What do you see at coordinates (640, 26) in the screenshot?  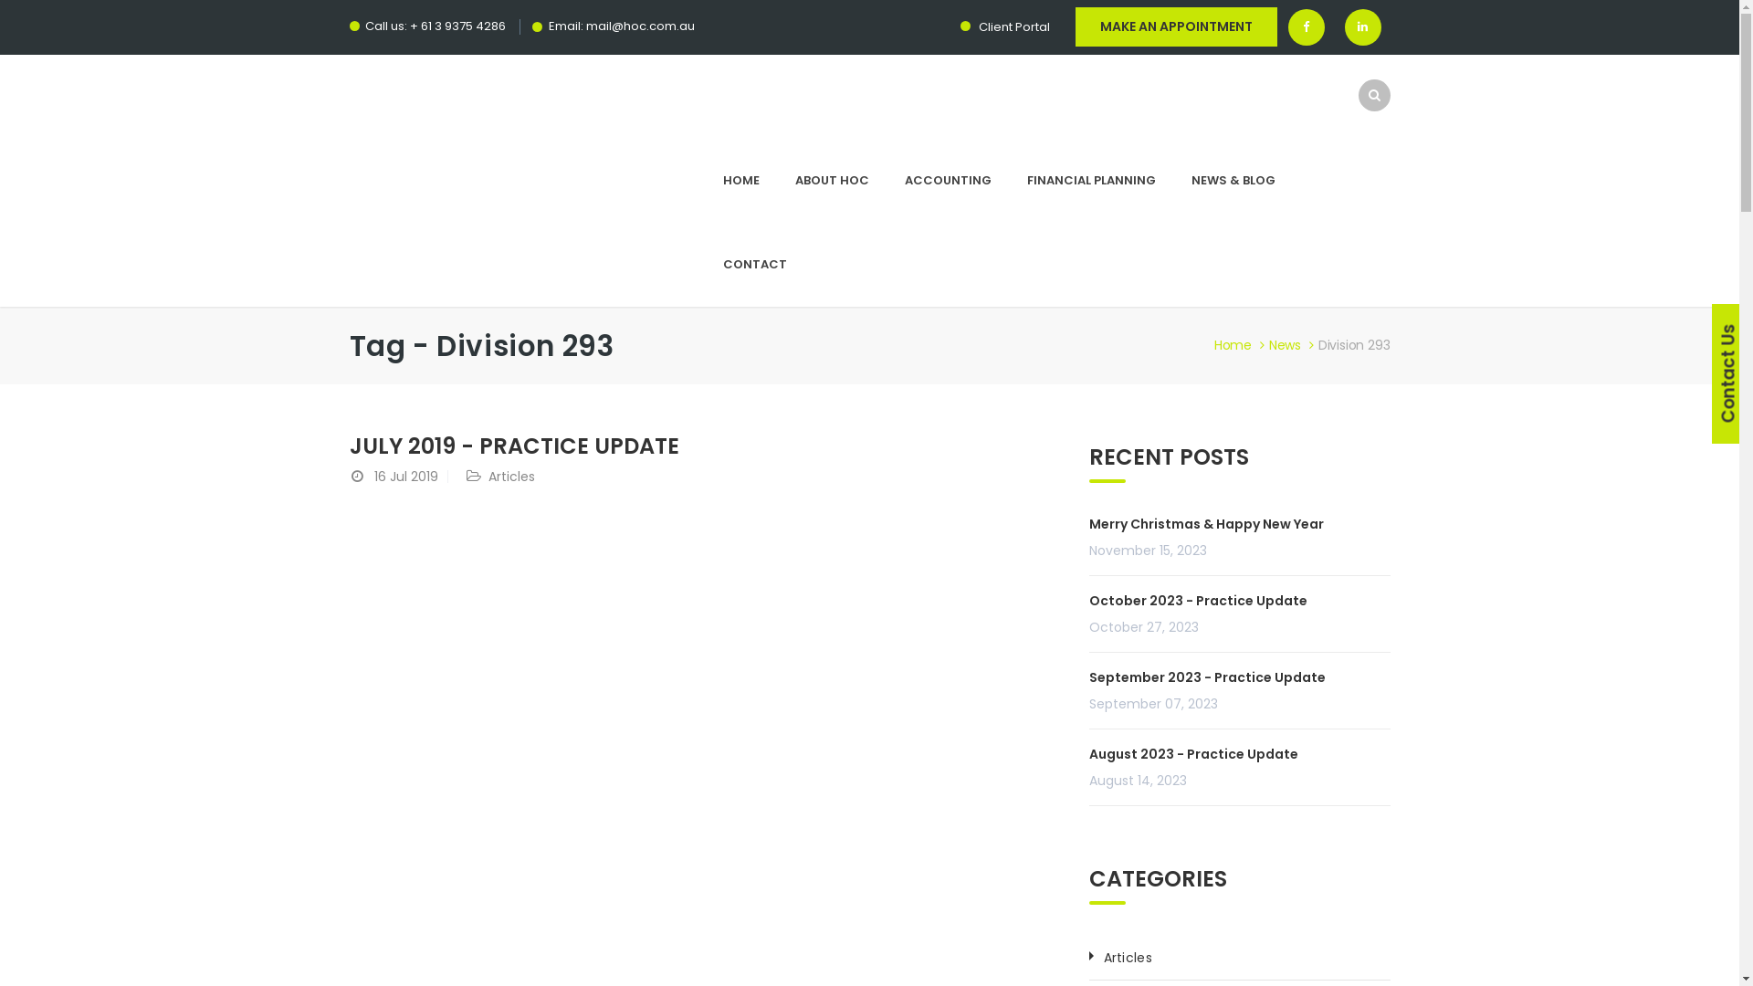 I see `'mail@hoc.com.au'` at bounding box center [640, 26].